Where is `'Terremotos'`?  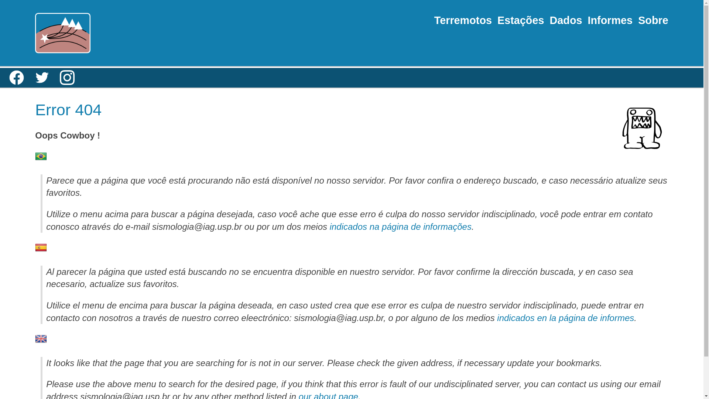 'Terremotos' is located at coordinates (434, 20).